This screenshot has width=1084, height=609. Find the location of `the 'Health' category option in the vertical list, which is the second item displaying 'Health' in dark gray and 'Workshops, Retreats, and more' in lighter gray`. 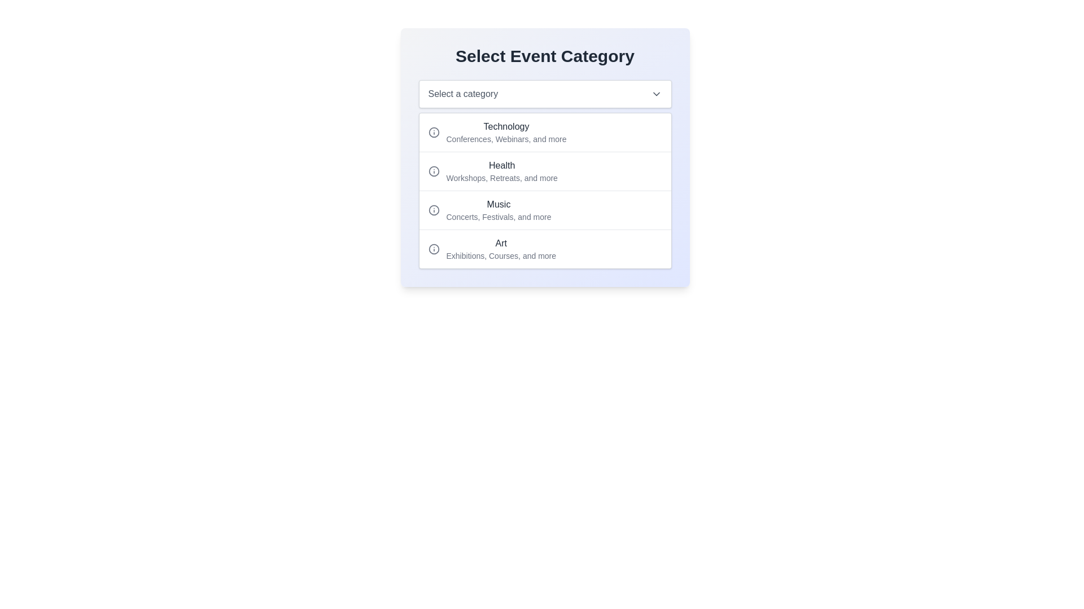

the 'Health' category option in the vertical list, which is the second item displaying 'Health' in dark gray and 'Workshops, Retreats, and more' in lighter gray is located at coordinates (501, 171).